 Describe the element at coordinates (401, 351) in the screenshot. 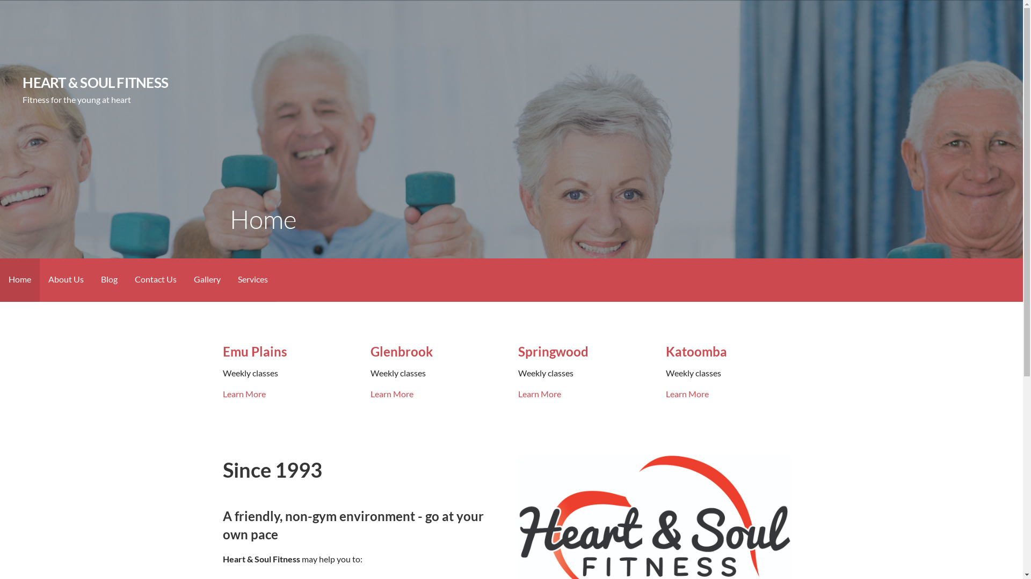

I see `'Glenbrook'` at that location.